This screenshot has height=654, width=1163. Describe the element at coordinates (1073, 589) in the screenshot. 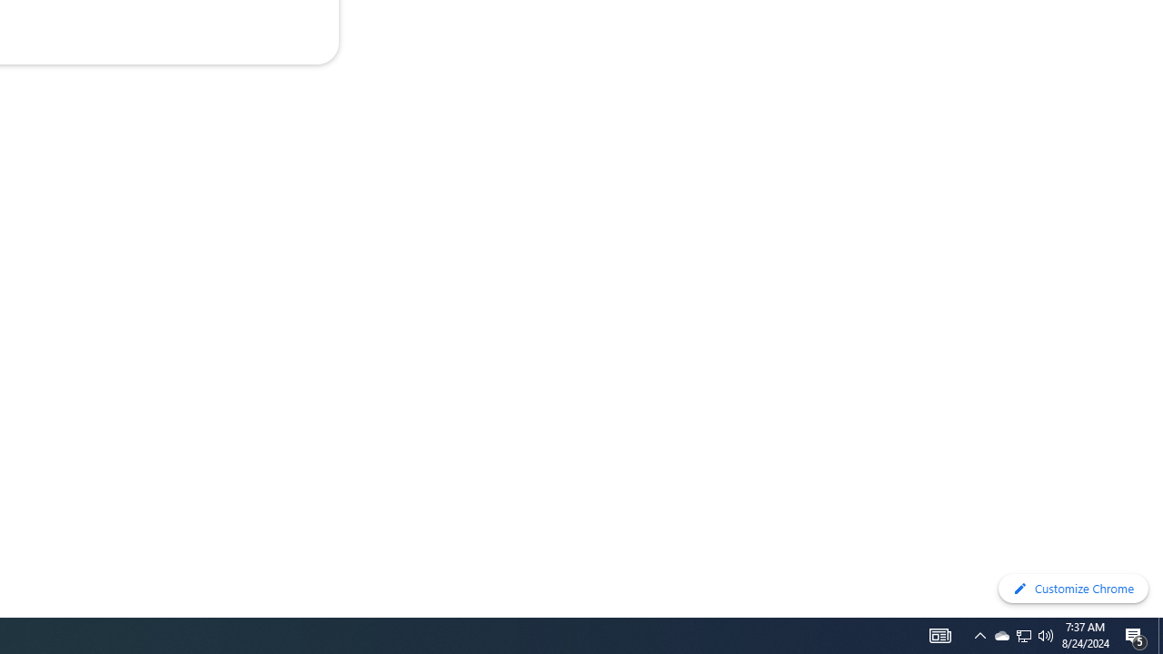

I see `'Customize Chrome'` at that location.